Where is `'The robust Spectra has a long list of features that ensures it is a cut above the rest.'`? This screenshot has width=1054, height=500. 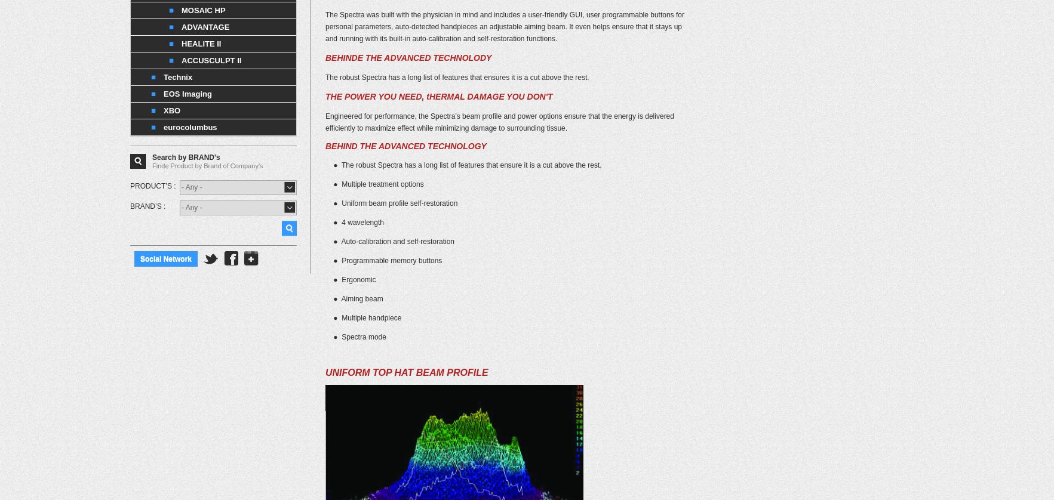
'The robust Spectra has a long list of features that ensures it is a cut above the rest.' is located at coordinates (456, 77).